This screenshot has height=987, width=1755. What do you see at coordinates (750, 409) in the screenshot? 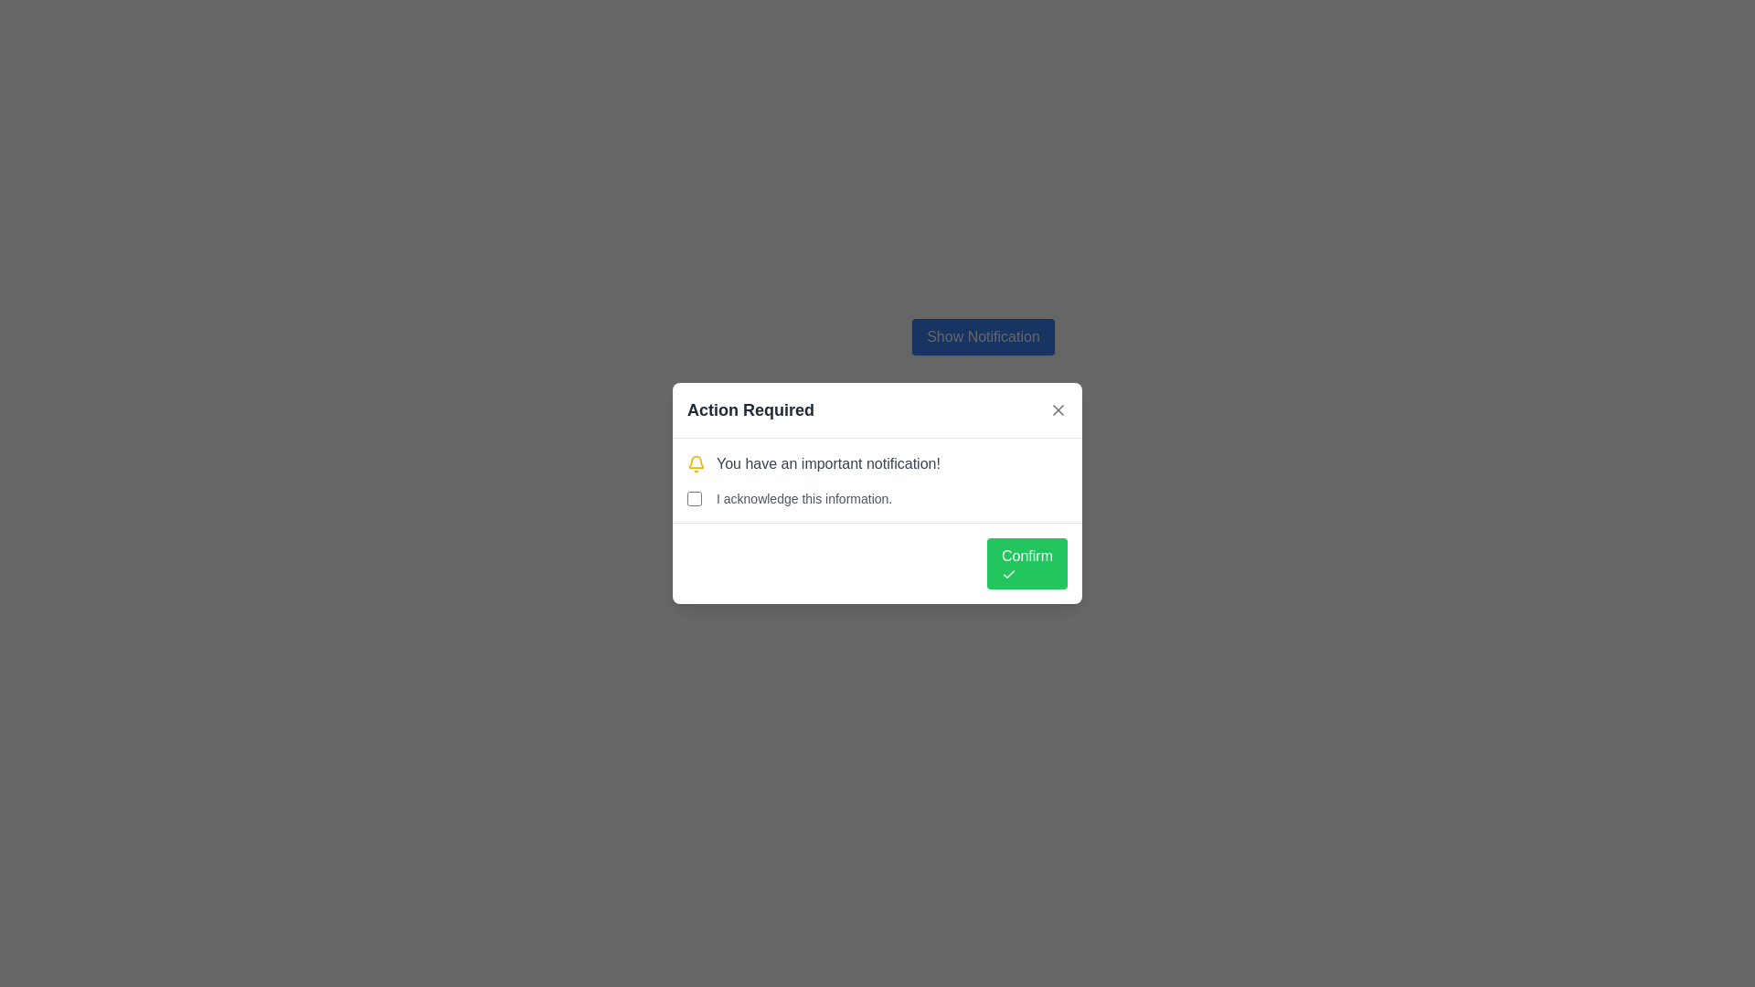
I see `the Header text element within the notification box, which serves as the title indicating the subject or urgency of the notification content` at bounding box center [750, 409].